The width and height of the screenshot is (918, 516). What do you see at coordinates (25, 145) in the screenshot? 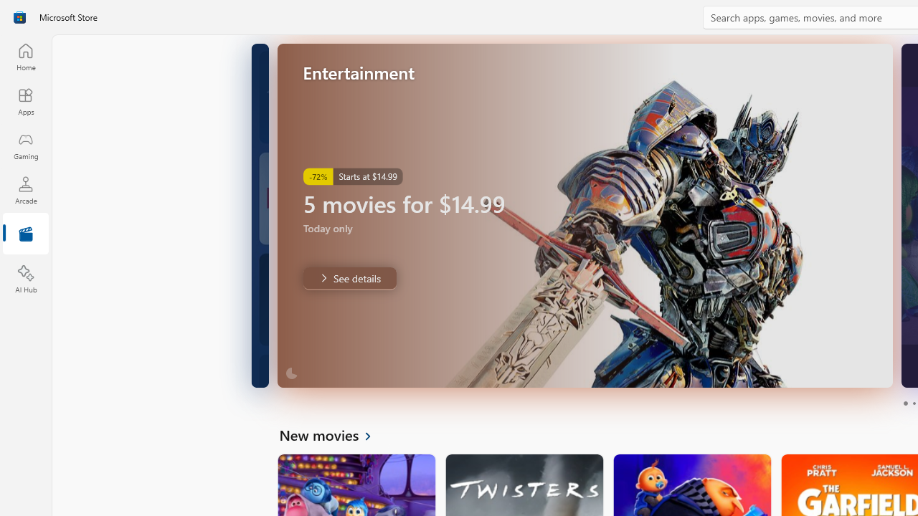
I see `'Gaming'` at bounding box center [25, 145].